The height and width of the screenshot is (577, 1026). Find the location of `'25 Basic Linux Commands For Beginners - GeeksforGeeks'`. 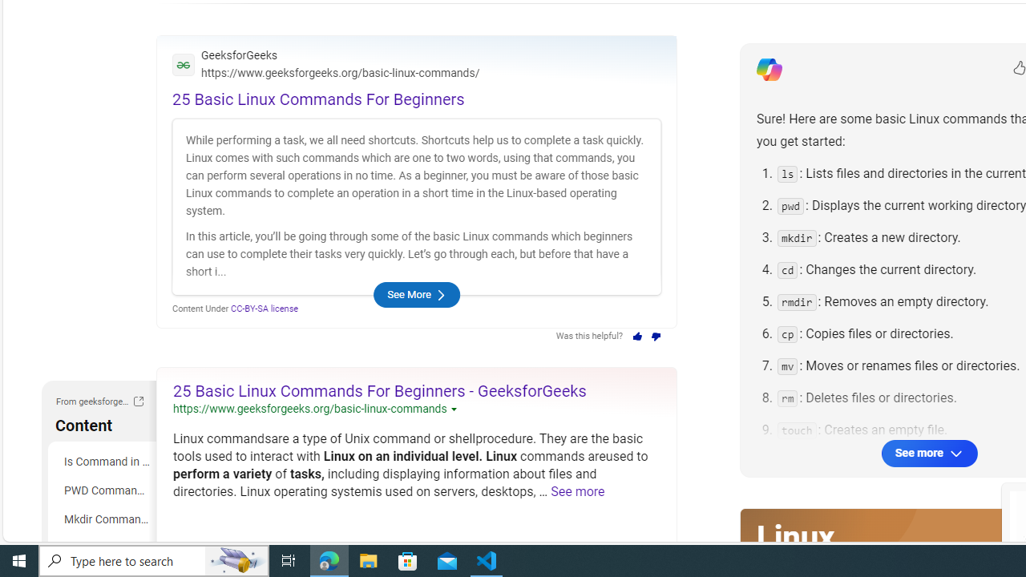

'25 Basic Linux Commands For Beginners - GeeksforGeeks' is located at coordinates (379, 390).